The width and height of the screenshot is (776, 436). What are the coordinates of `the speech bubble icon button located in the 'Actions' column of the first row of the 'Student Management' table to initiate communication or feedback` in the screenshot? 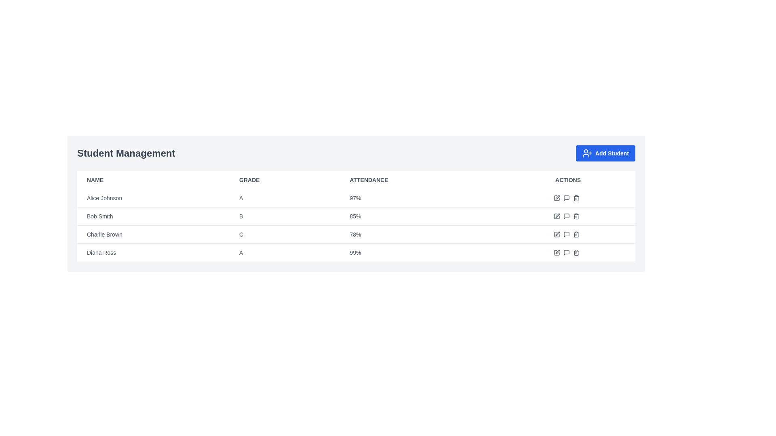 It's located at (566, 198).